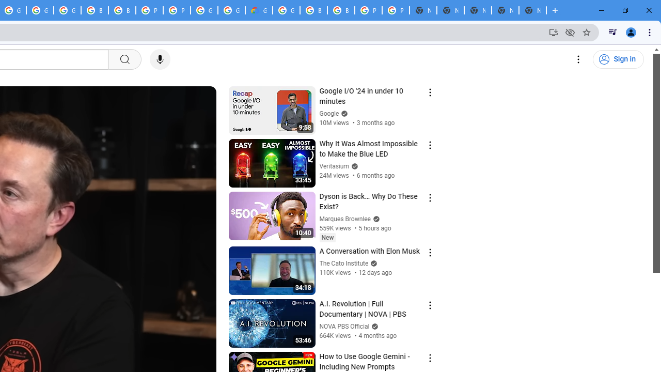 This screenshot has height=372, width=661. Describe the element at coordinates (204, 10) in the screenshot. I see `'Google Cloud Platform'` at that location.